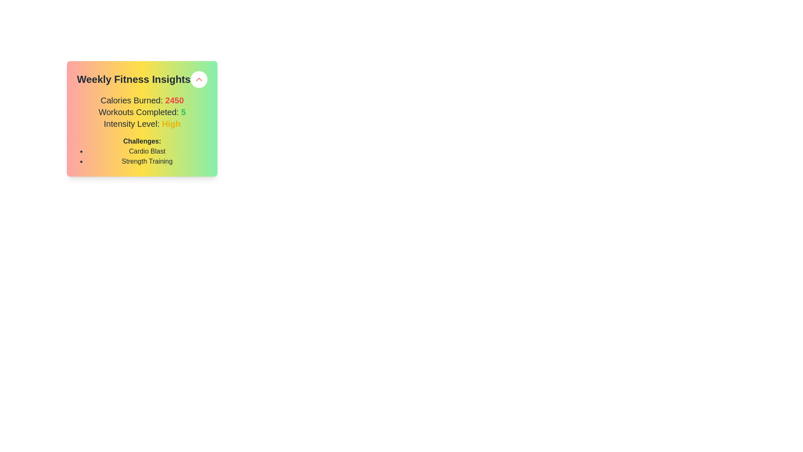  I want to click on contents of the Text block displaying the weekly fitness insights, including calories burned, workouts completed, and intensity level, so click(142, 111).